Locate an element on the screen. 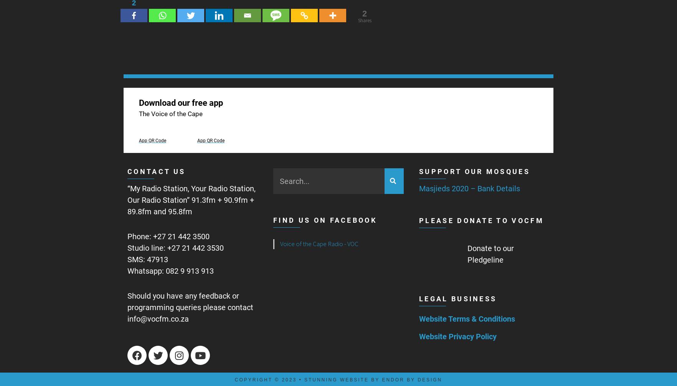 The width and height of the screenshot is (677, 386). 'Legal Business' is located at coordinates (419, 298).